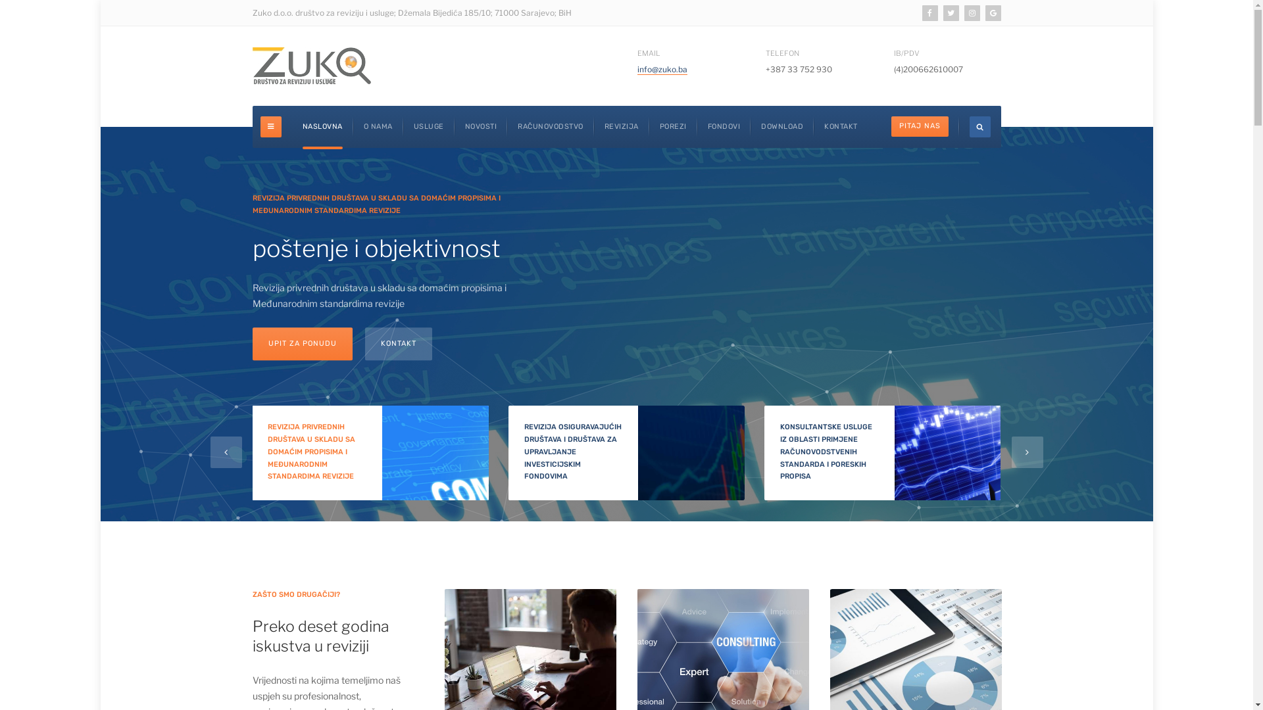 The width and height of the screenshot is (1263, 710). Describe the element at coordinates (311, 66) in the screenshot. I see `'www.zuko.ba'` at that location.